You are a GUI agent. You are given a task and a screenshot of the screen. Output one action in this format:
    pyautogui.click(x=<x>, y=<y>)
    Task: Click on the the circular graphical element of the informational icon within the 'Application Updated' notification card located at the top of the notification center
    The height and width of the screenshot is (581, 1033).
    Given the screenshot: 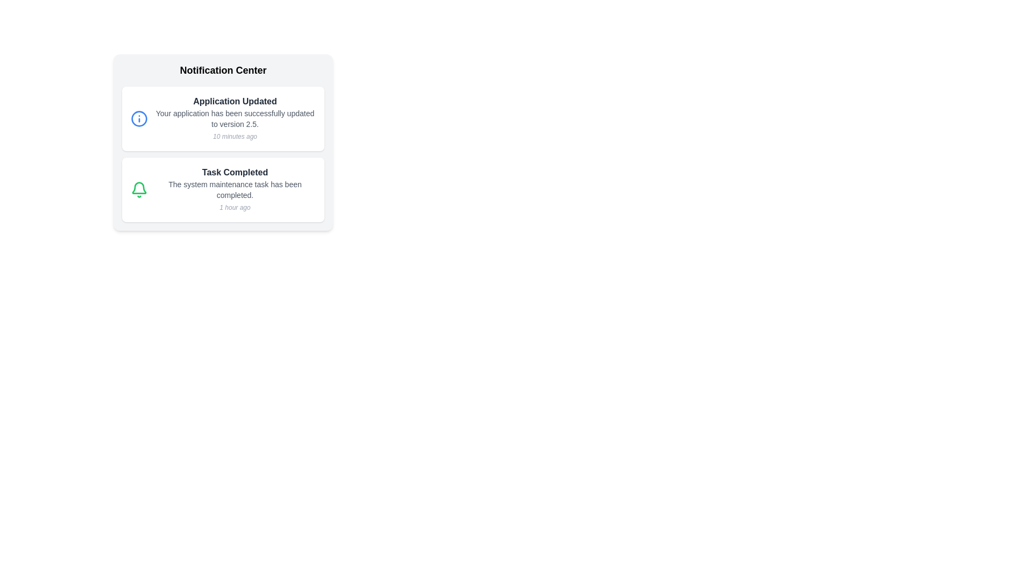 What is the action you would take?
    pyautogui.click(x=139, y=118)
    